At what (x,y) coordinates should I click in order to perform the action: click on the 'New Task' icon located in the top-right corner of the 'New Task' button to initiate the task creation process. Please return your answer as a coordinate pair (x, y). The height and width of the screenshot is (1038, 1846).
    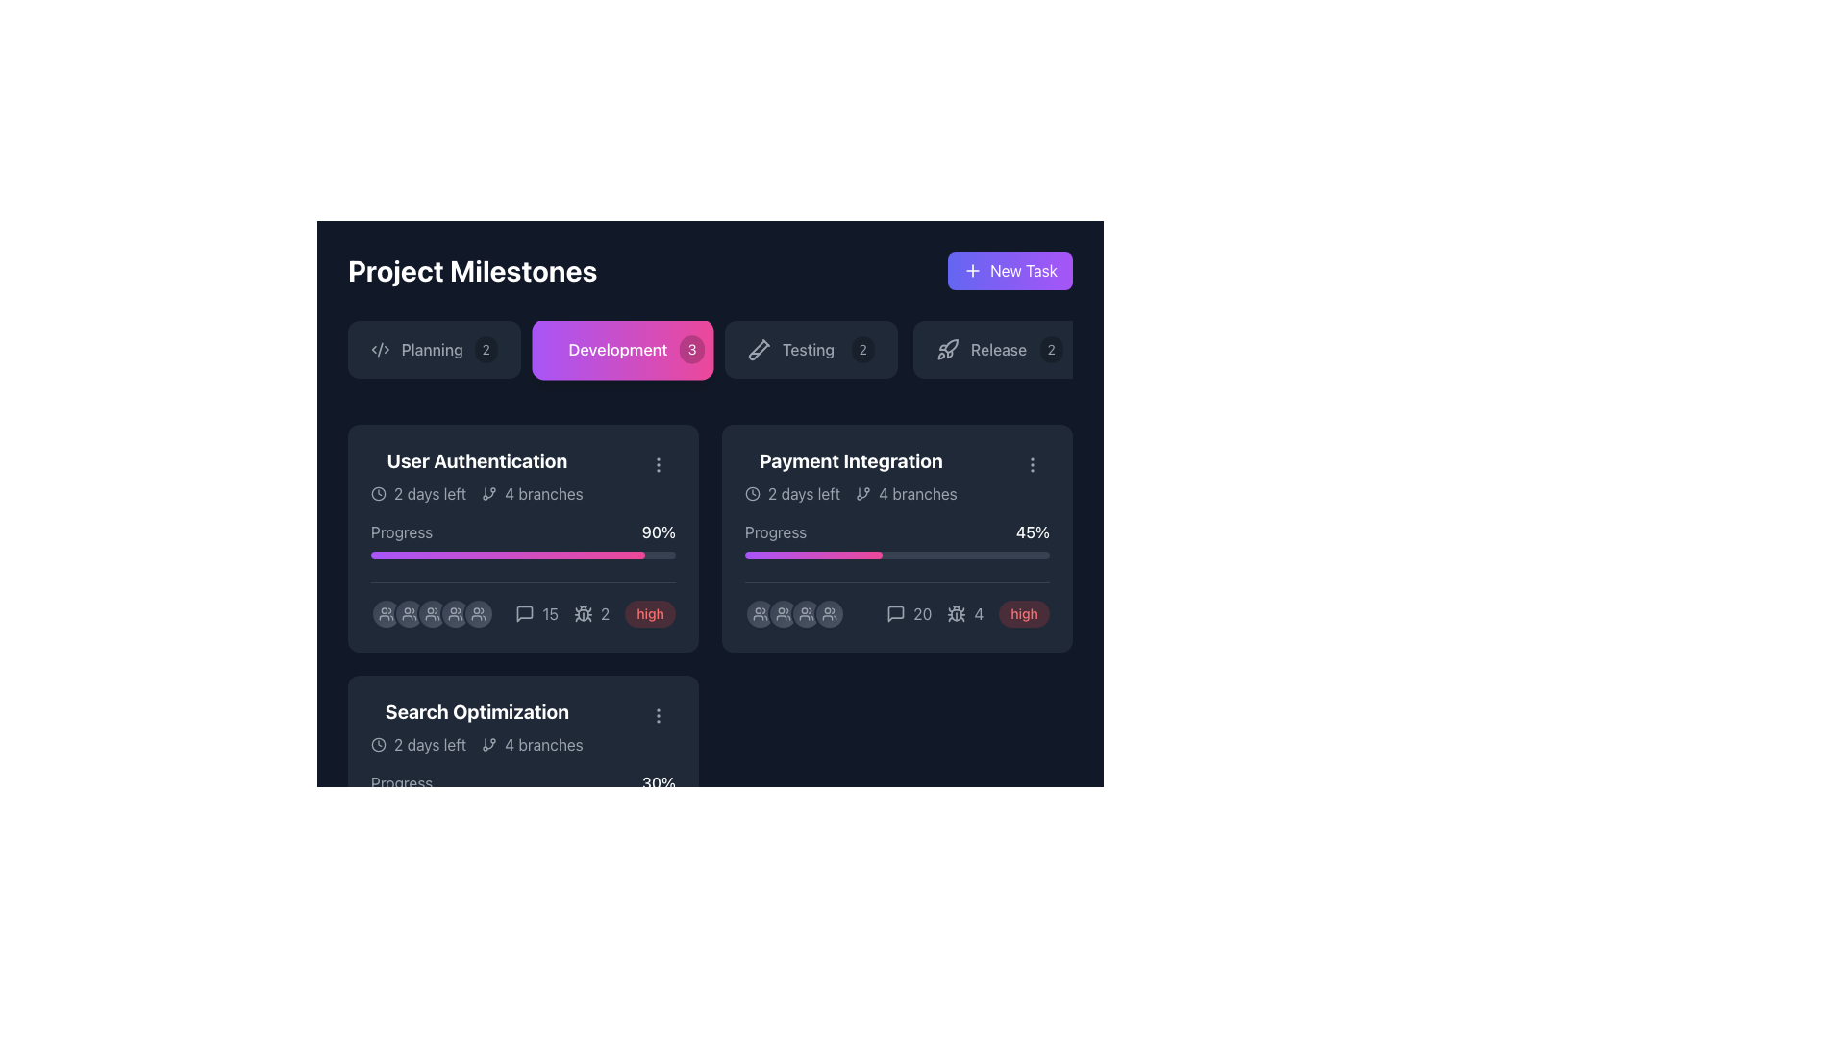
    Looking at the image, I should click on (973, 270).